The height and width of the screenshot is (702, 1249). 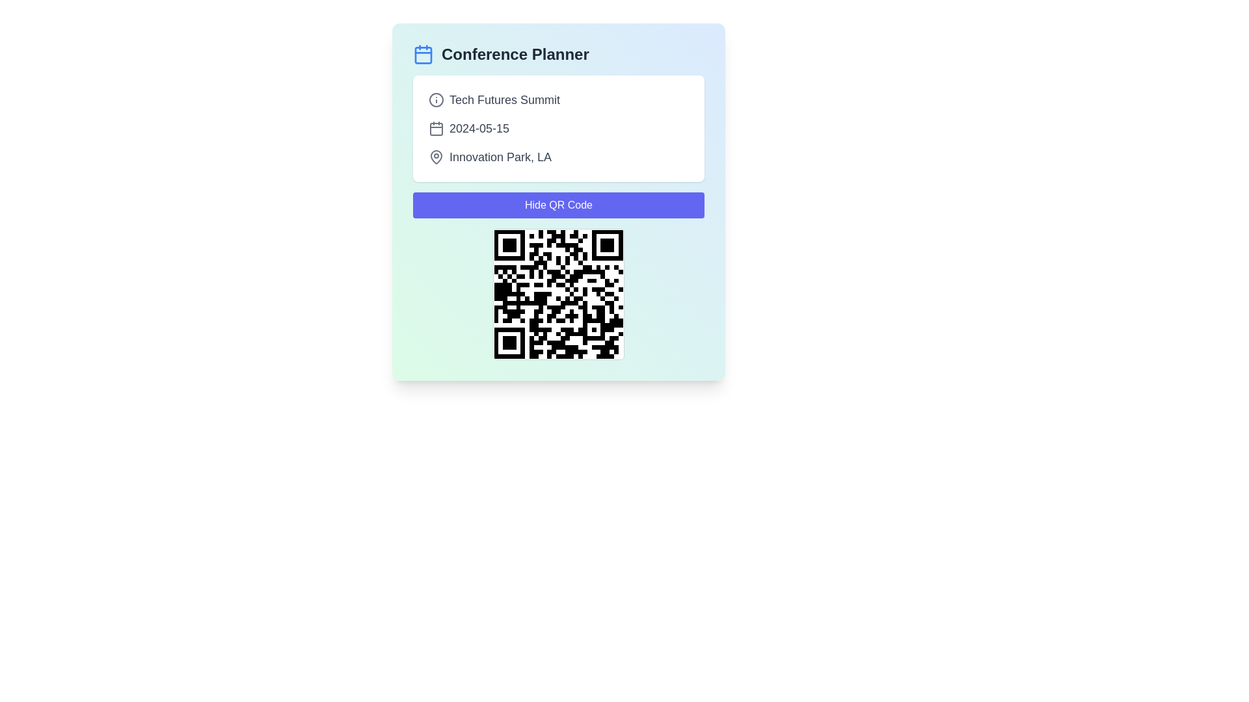 I want to click on the decorative icon for the 'Conference Planner' section, which is located at the top left of the card layout, centered vertically with the text 'Conference Planner', so click(x=423, y=54).